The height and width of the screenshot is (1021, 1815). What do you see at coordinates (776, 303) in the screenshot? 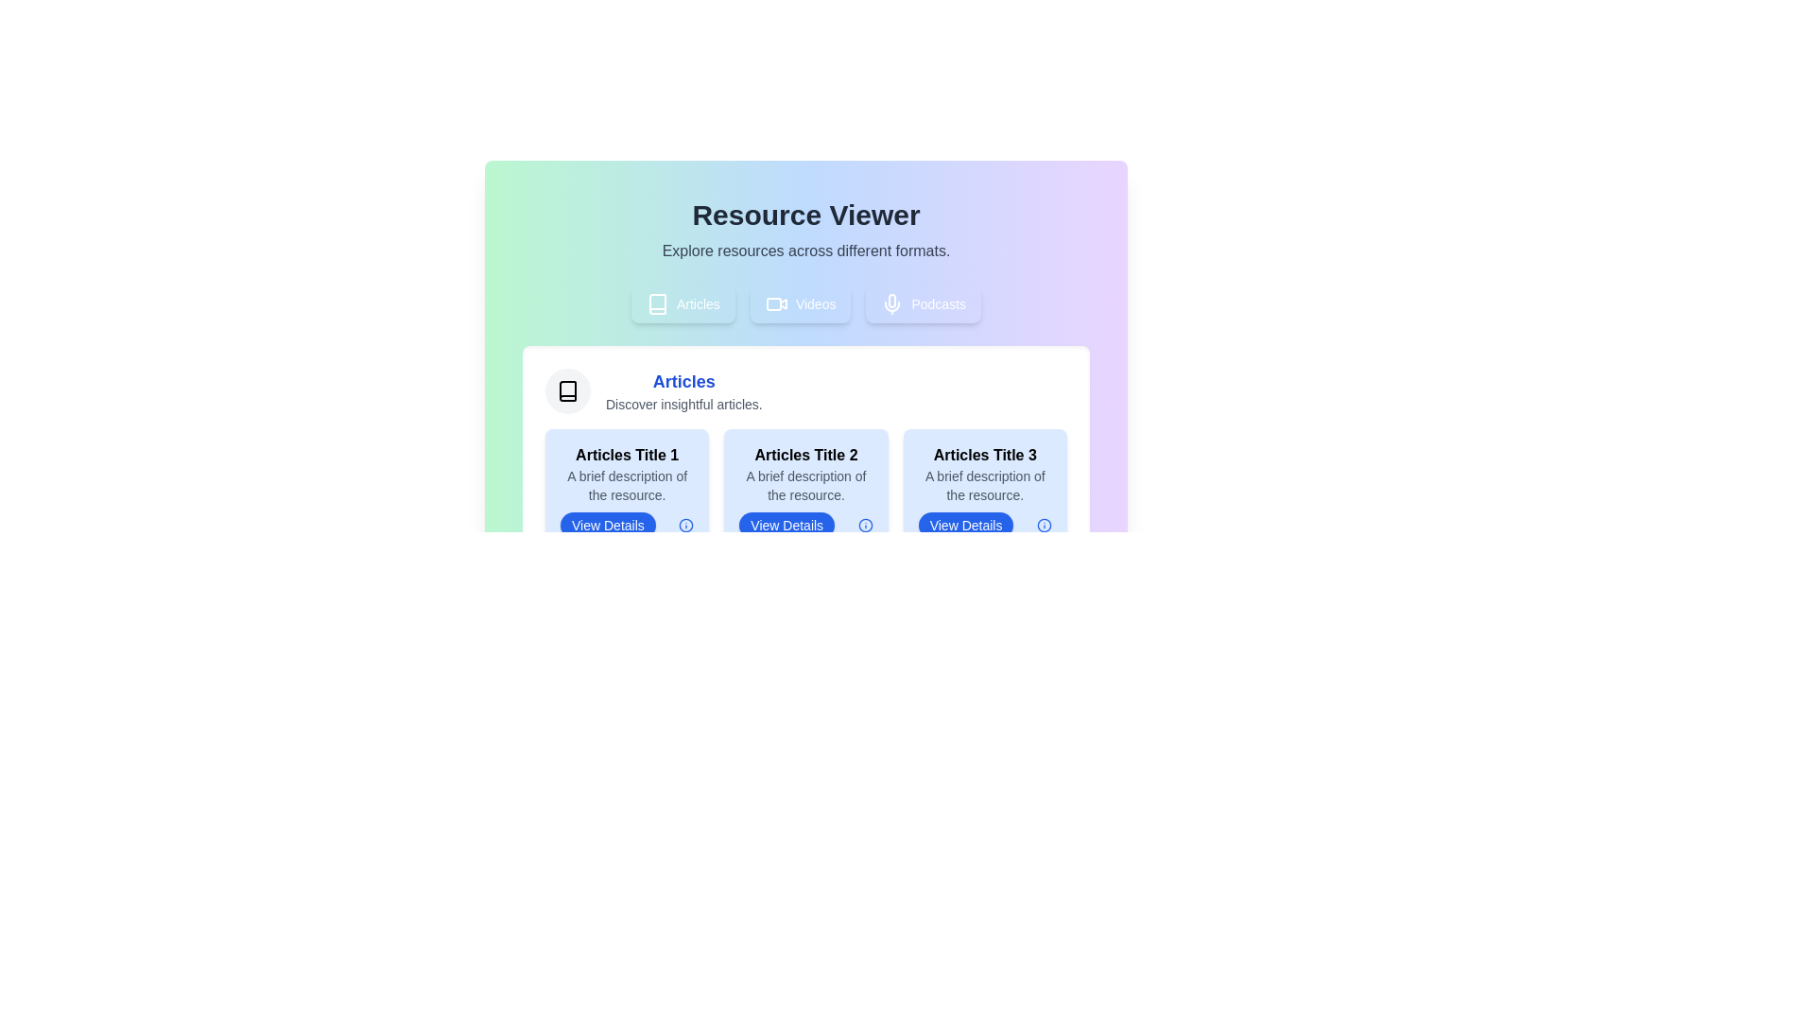
I see `the video icon located within the 'Videos' button in the navigation section` at bounding box center [776, 303].